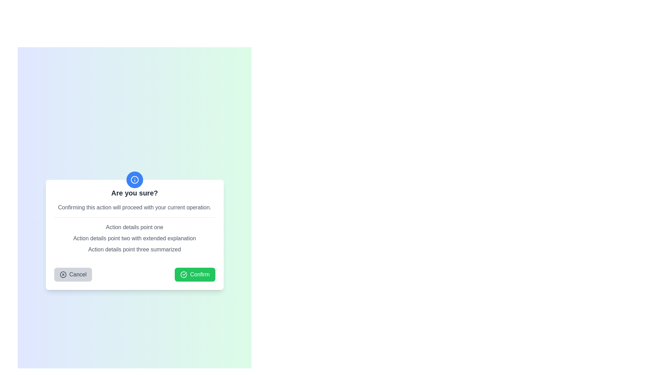 The width and height of the screenshot is (667, 375). What do you see at coordinates (134, 207) in the screenshot?
I see `static text element that displays the message 'Confirming this action will proceed with your current operation.' This text is styled in gray and is located below the header 'Are you sure?' within a centered modal box` at bounding box center [134, 207].